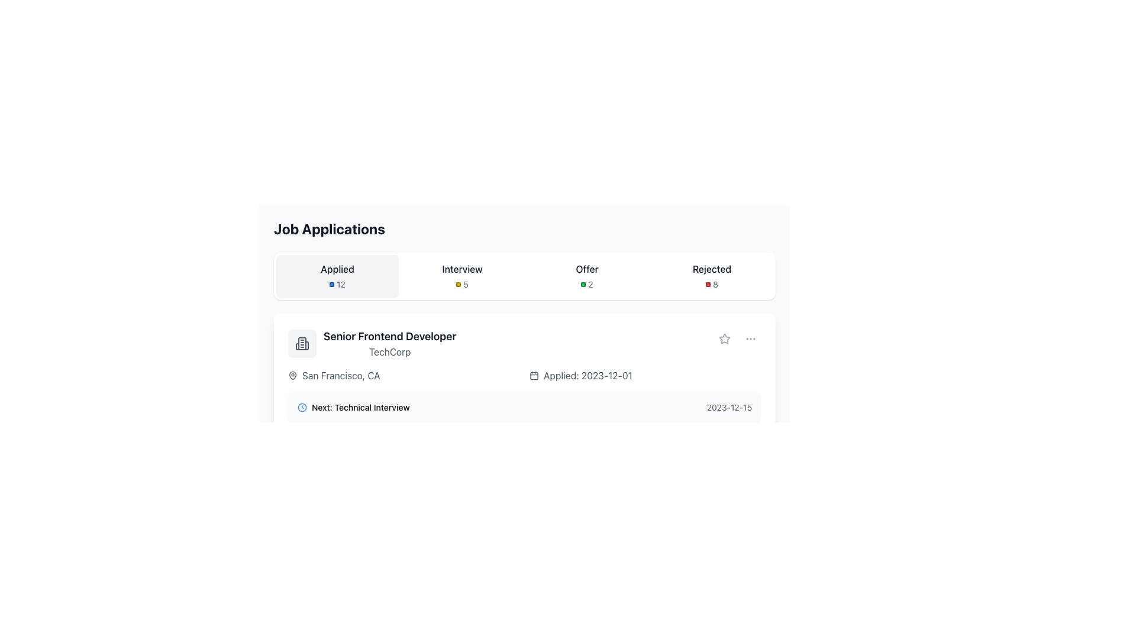 The height and width of the screenshot is (639, 1136). What do you see at coordinates (524, 276) in the screenshot?
I see `the Summary bar with categories that contains the labels 'Applied', 'Interview', 'Offer', and 'Rejected' with their respective numbers: 12, 5, 2, and 8` at bounding box center [524, 276].